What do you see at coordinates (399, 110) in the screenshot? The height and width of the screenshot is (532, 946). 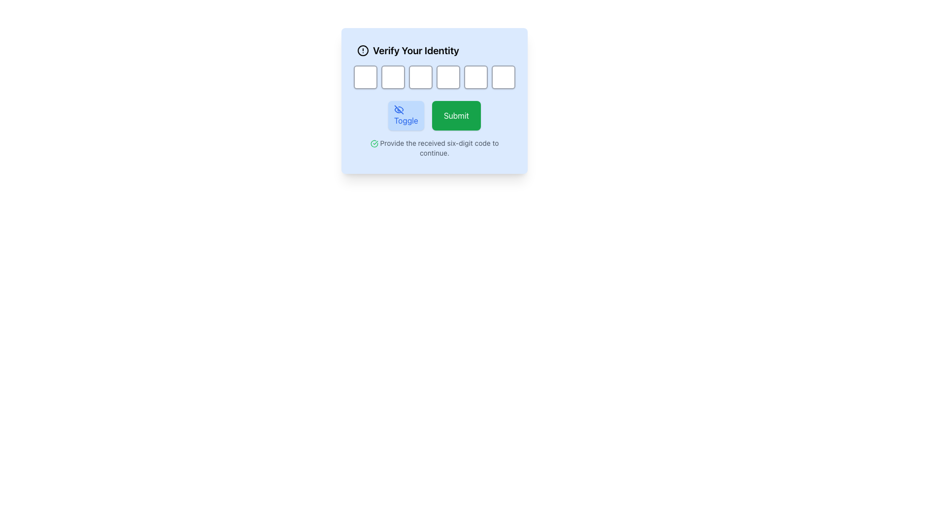 I see `the visibility toggle icon, which is styled as an eye with a diagonal line crossing through it, located to the left of the green 'Submit' button in the user interface panel` at bounding box center [399, 110].